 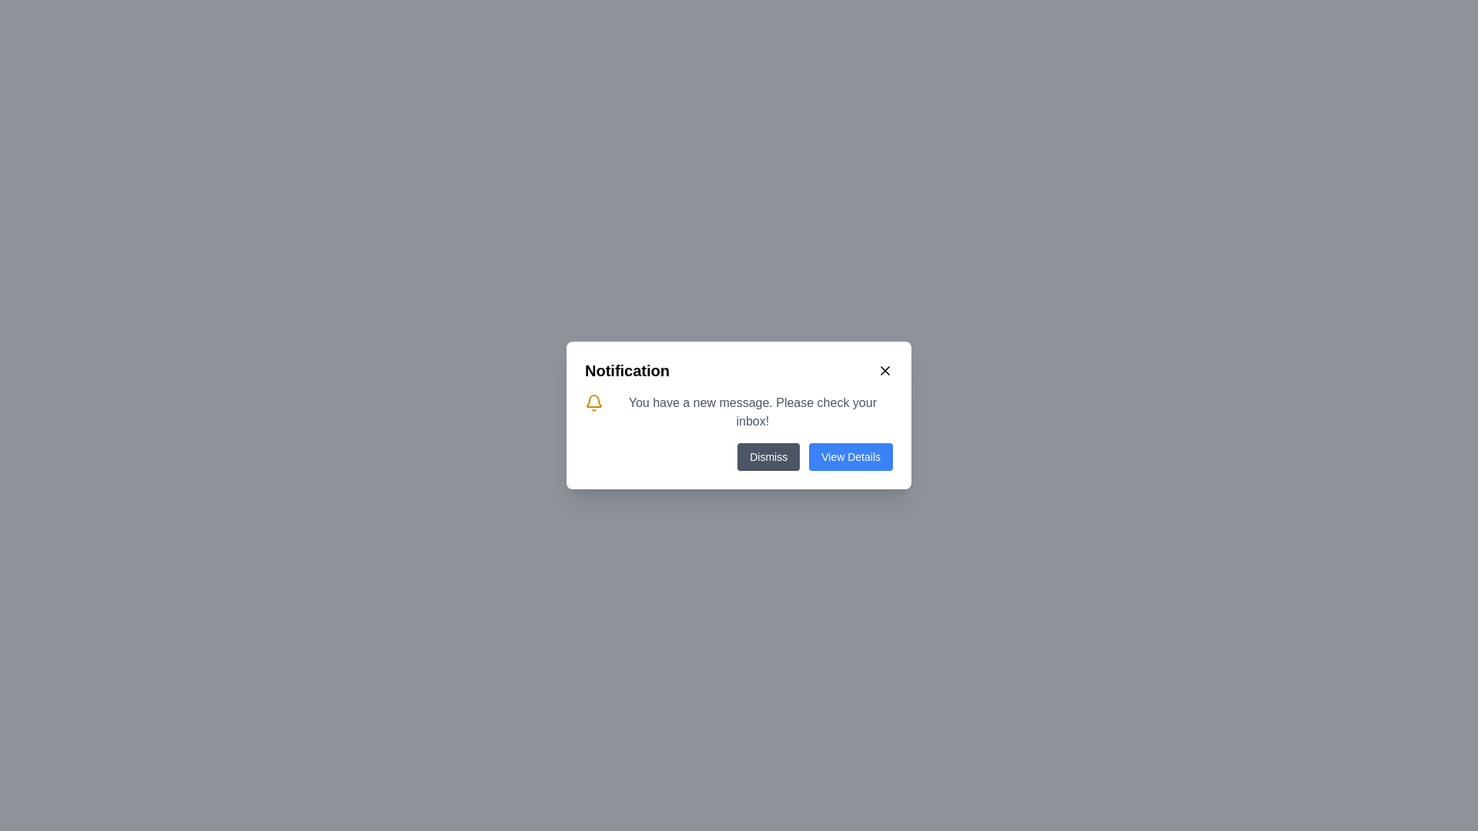 What do you see at coordinates (850, 456) in the screenshot?
I see `the 'View Details' button located at the bottom-right corner of the notification modal` at bounding box center [850, 456].